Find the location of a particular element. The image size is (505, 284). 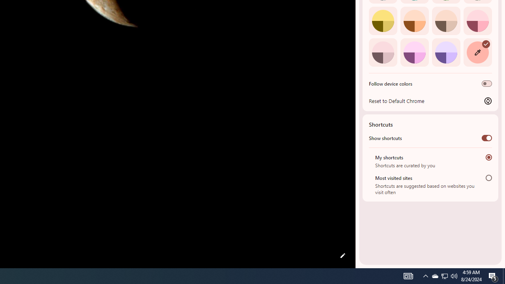

'My shortcuts' is located at coordinates (488, 157).